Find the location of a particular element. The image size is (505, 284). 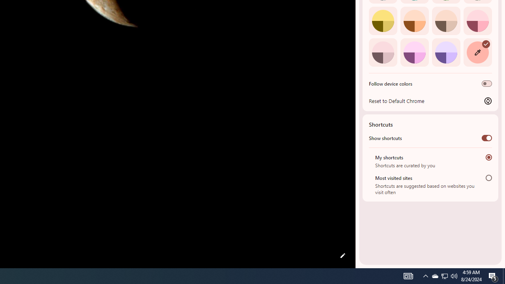

'My shortcuts' is located at coordinates (488, 157).